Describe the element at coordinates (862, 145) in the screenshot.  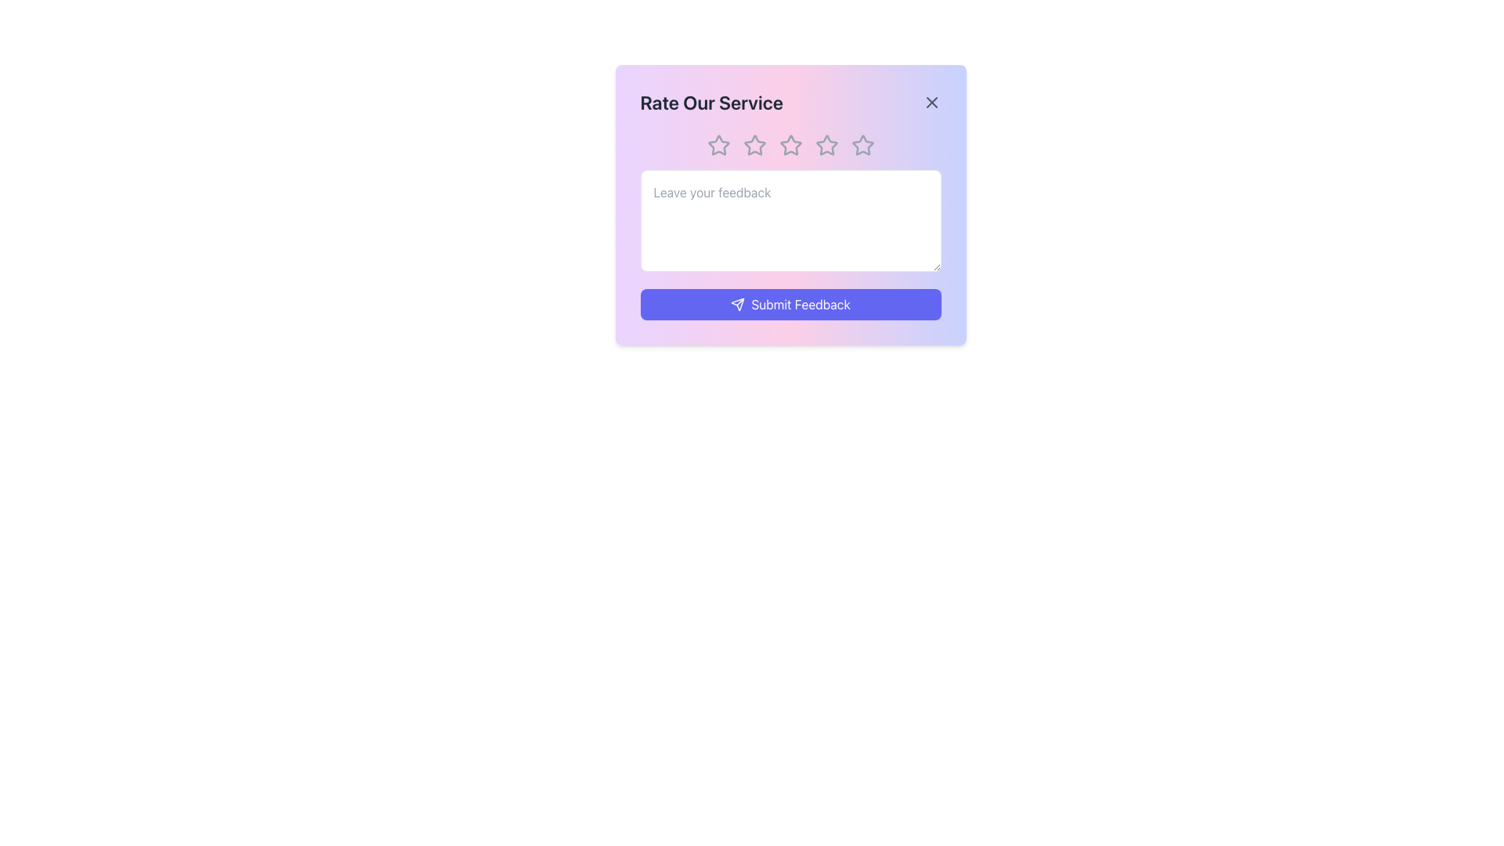
I see `the fifth Interactive Rating Star Icon` at that location.